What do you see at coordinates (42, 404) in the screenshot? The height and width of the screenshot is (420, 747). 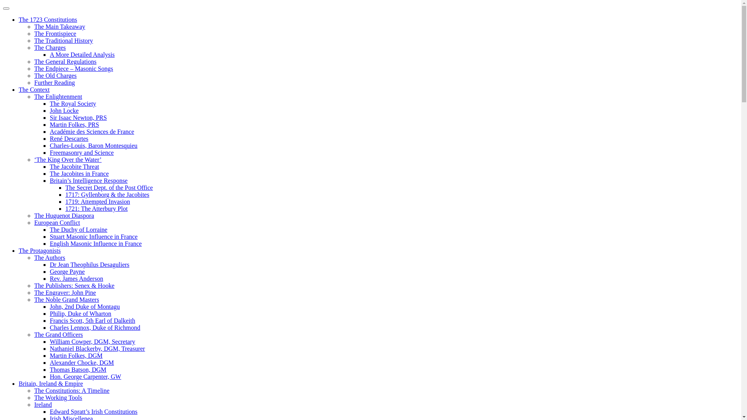 I see `'Ireland'` at bounding box center [42, 404].